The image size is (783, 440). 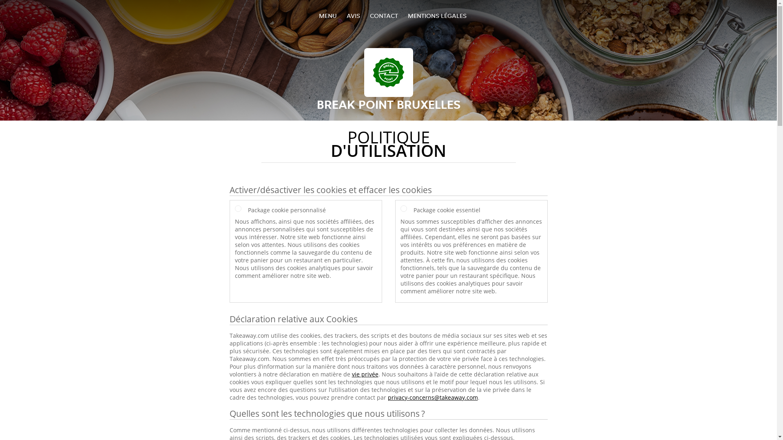 I want to click on 'MENU', so click(x=328, y=15).